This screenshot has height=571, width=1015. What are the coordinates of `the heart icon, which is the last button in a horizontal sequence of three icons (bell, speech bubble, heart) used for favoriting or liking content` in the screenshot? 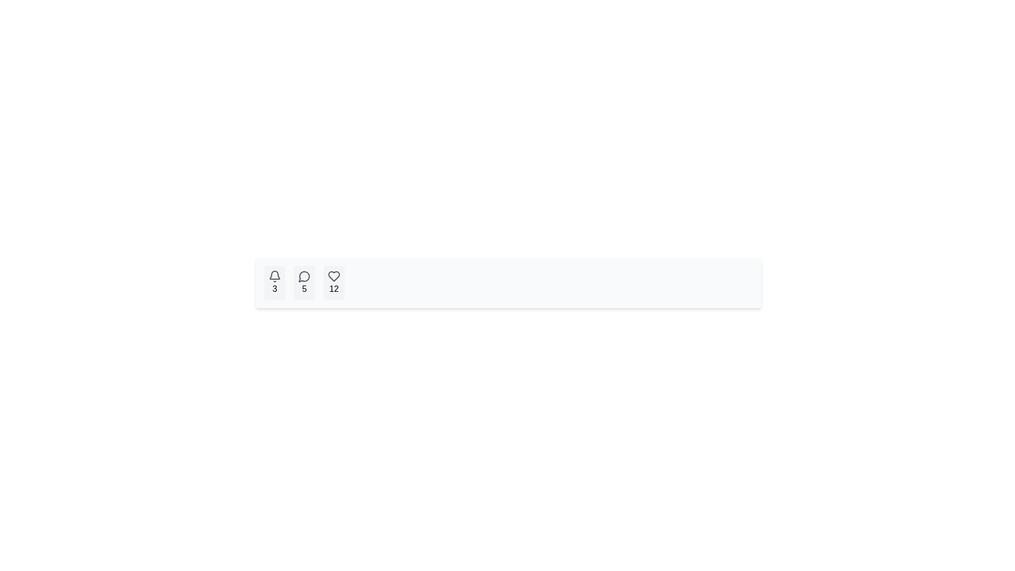 It's located at (334, 276).